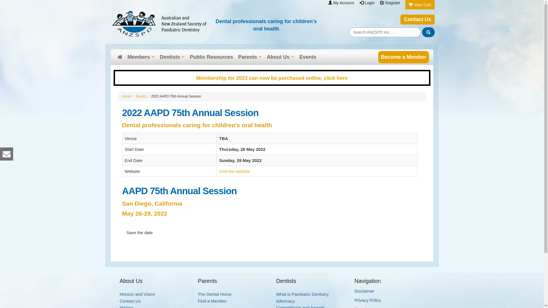 Image resolution: width=548 pixels, height=308 pixels. I want to click on 'What is Paediatric Dentistry', so click(302, 294).